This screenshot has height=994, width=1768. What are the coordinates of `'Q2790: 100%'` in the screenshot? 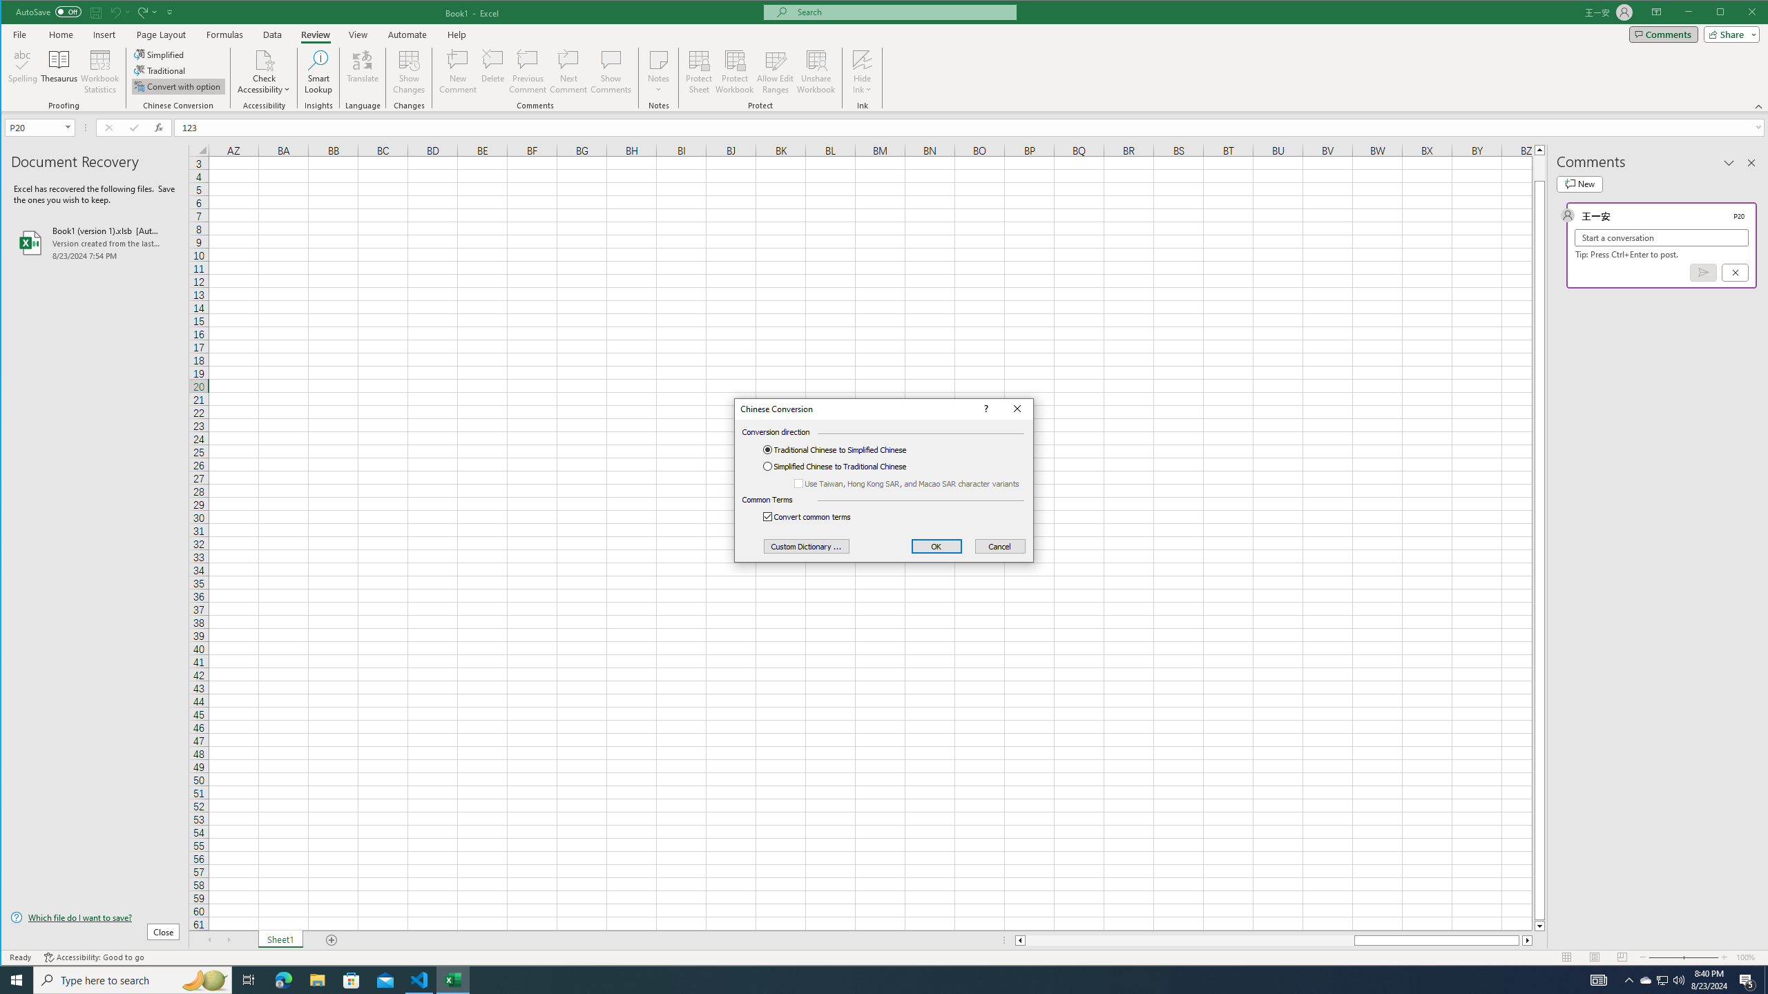 It's located at (1678, 979).